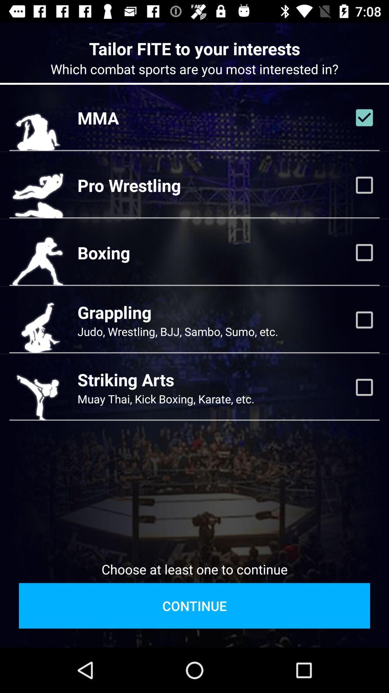 This screenshot has height=693, width=389. Describe the element at coordinates (364, 185) in the screenshot. I see `pro wrestling checkbox` at that location.